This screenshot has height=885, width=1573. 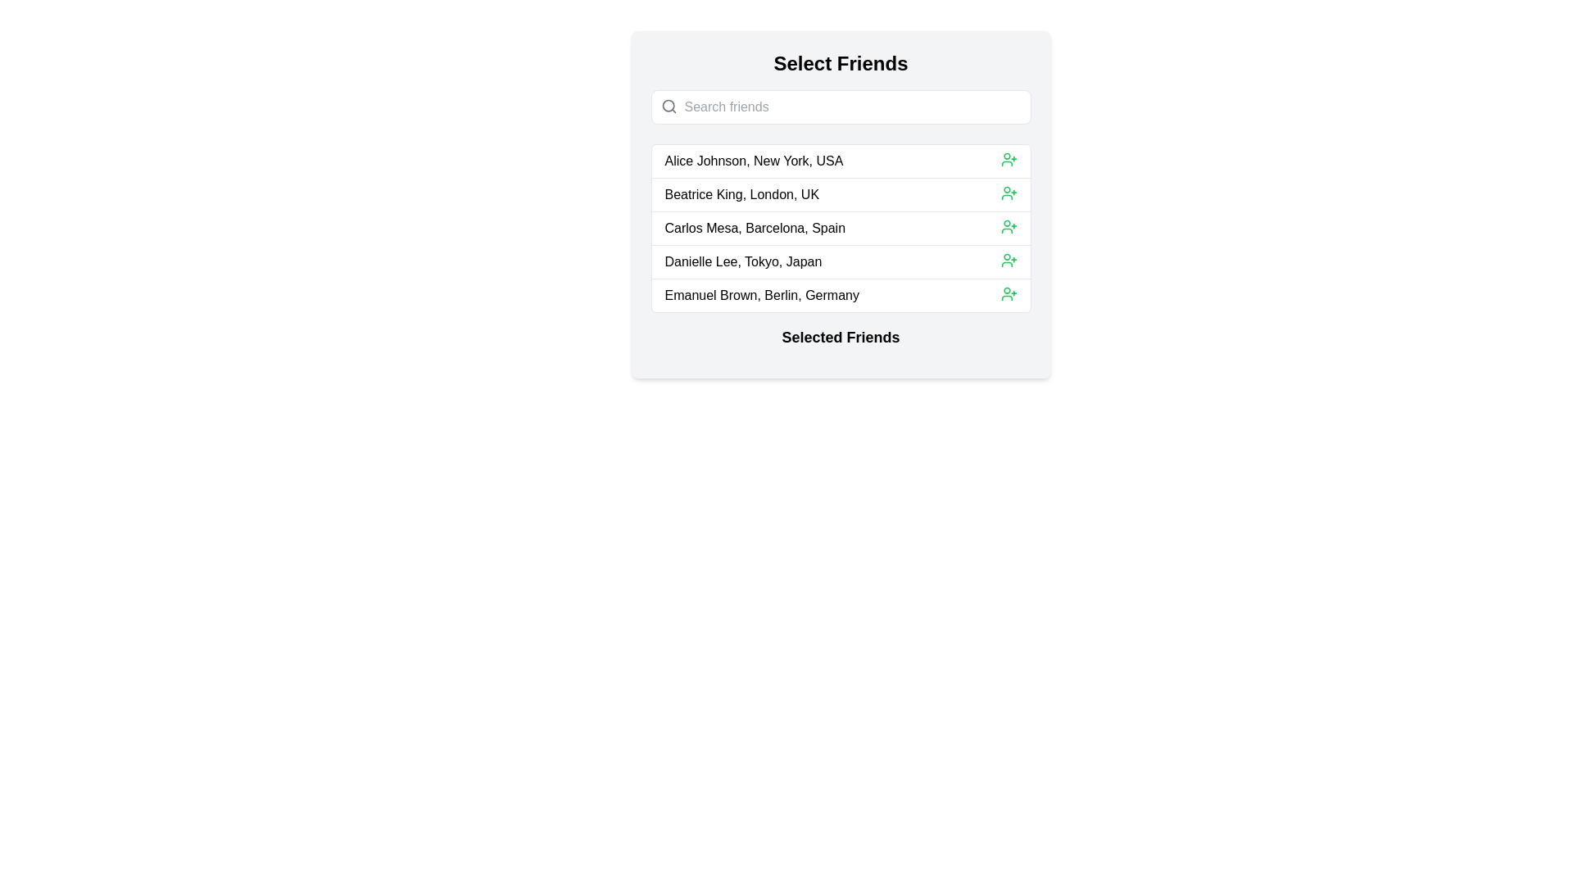 What do you see at coordinates (761, 296) in the screenshot?
I see `text content of the fifth item in the 'Select Friends' list, which is positioned below 'Danielle Lee, Tokyo, Japan'` at bounding box center [761, 296].